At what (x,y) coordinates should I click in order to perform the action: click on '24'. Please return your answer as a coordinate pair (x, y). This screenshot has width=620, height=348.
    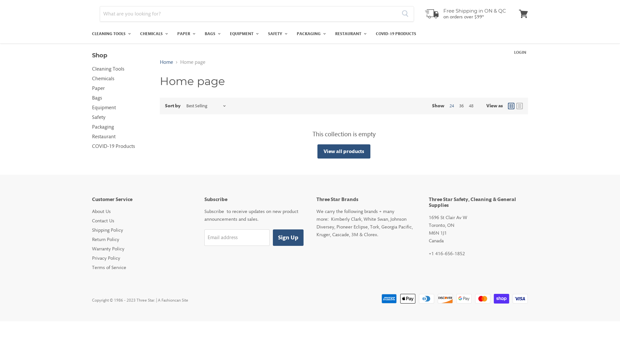
    Looking at the image, I should click on (449, 105).